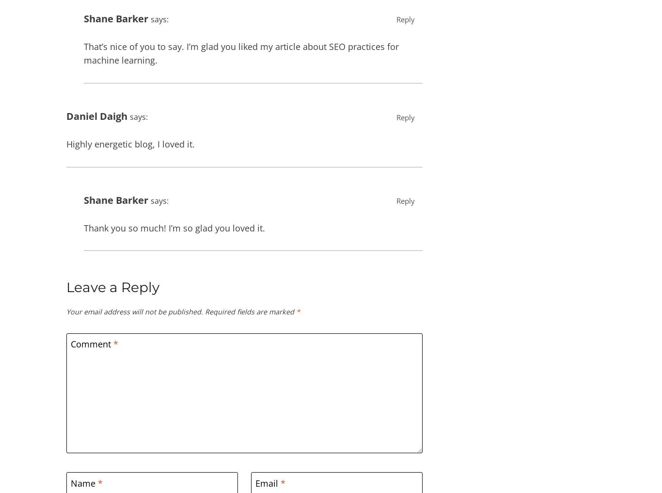 This screenshot has width=662, height=493. I want to click on 'Leave a Reply', so click(113, 287).